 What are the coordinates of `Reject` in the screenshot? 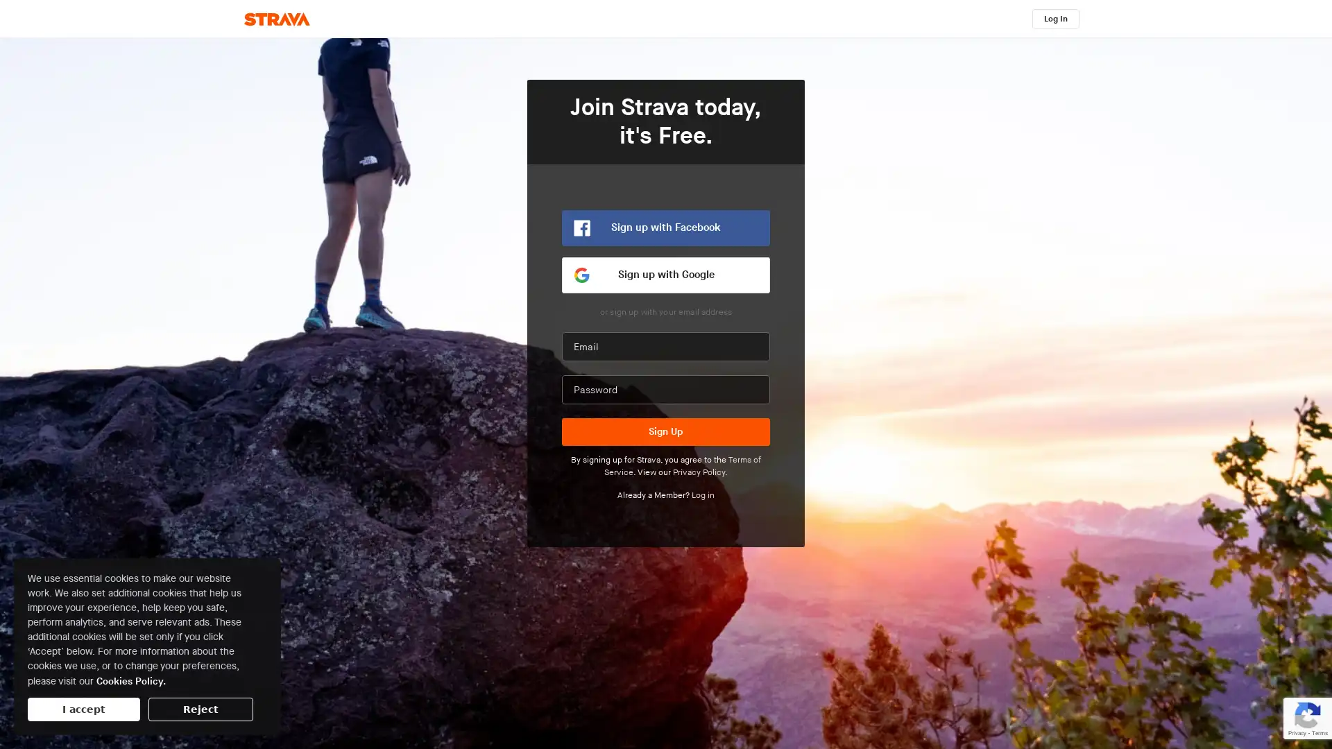 It's located at (200, 709).